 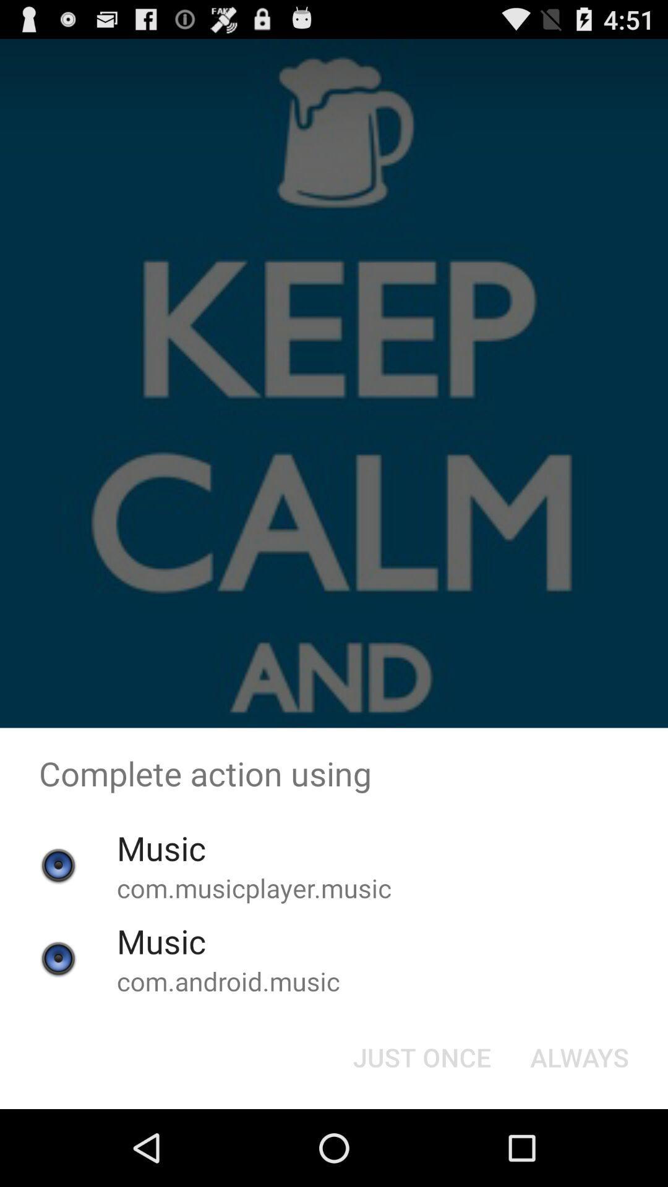 What do you see at coordinates (580, 1056) in the screenshot?
I see `app below complete action using` at bounding box center [580, 1056].